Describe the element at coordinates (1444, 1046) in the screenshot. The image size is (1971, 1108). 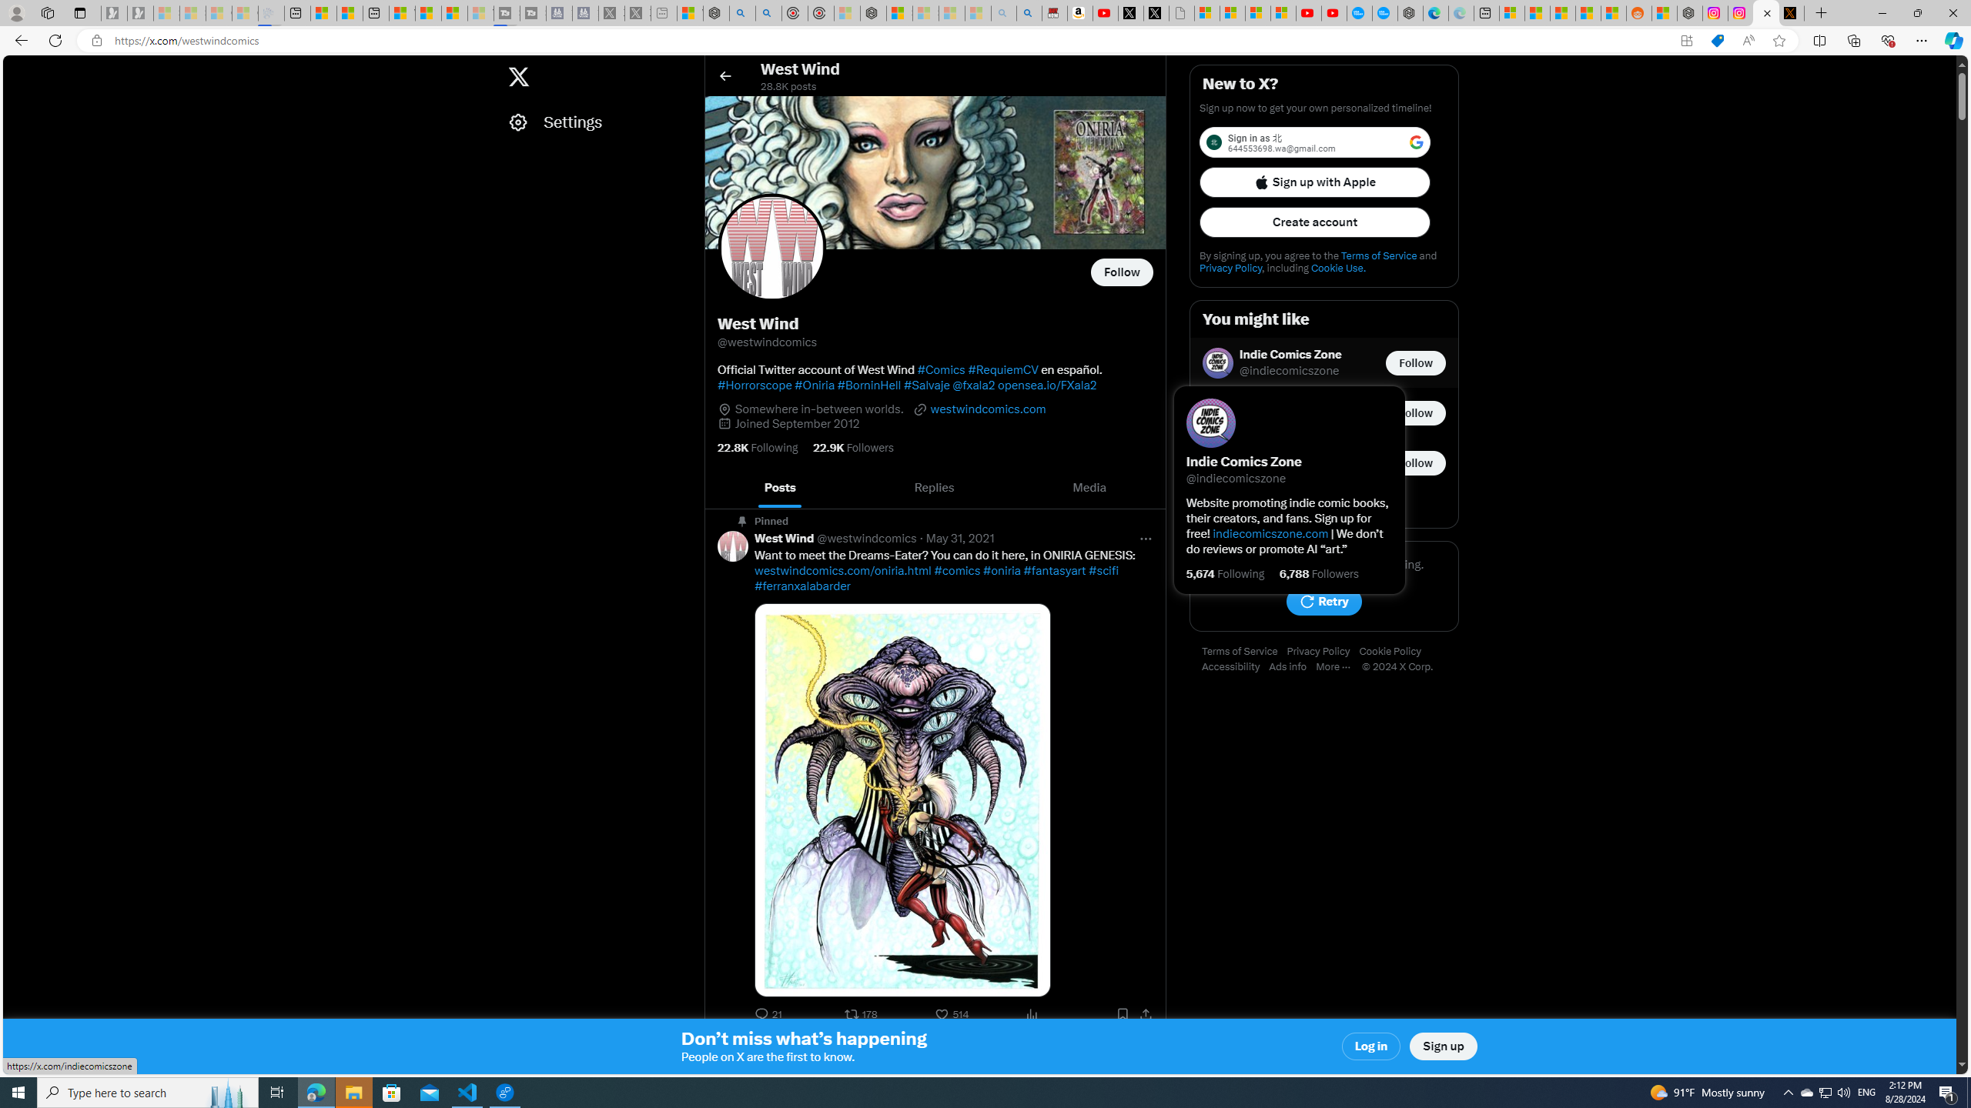
I see `'Sign up'` at that location.